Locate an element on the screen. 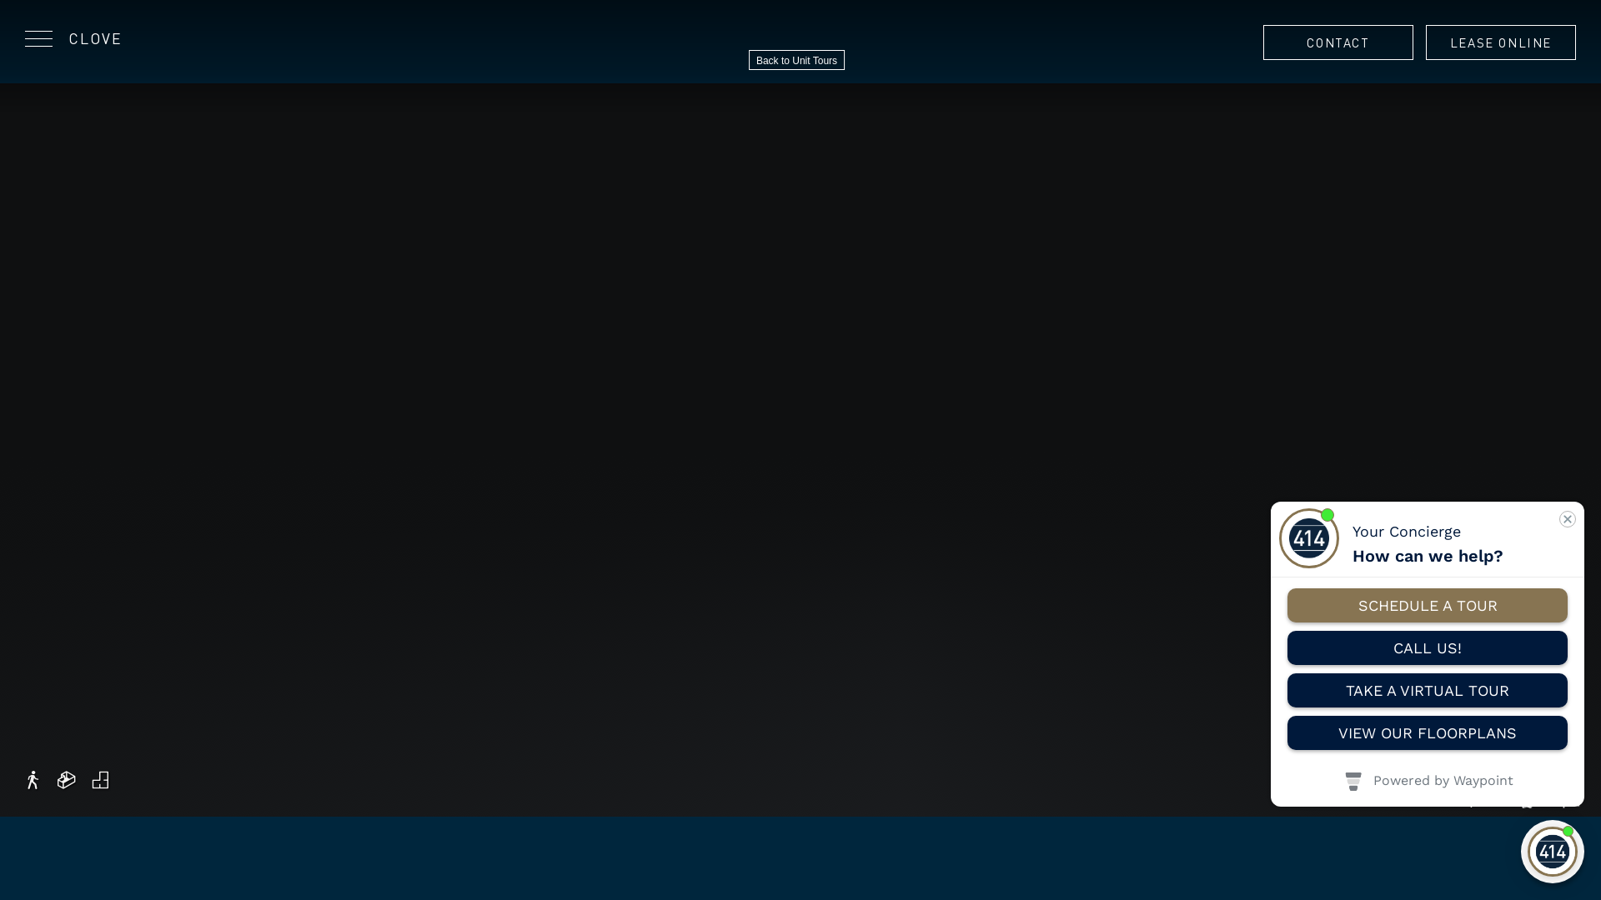  'LEASE ONLINE' is located at coordinates (1501, 41).